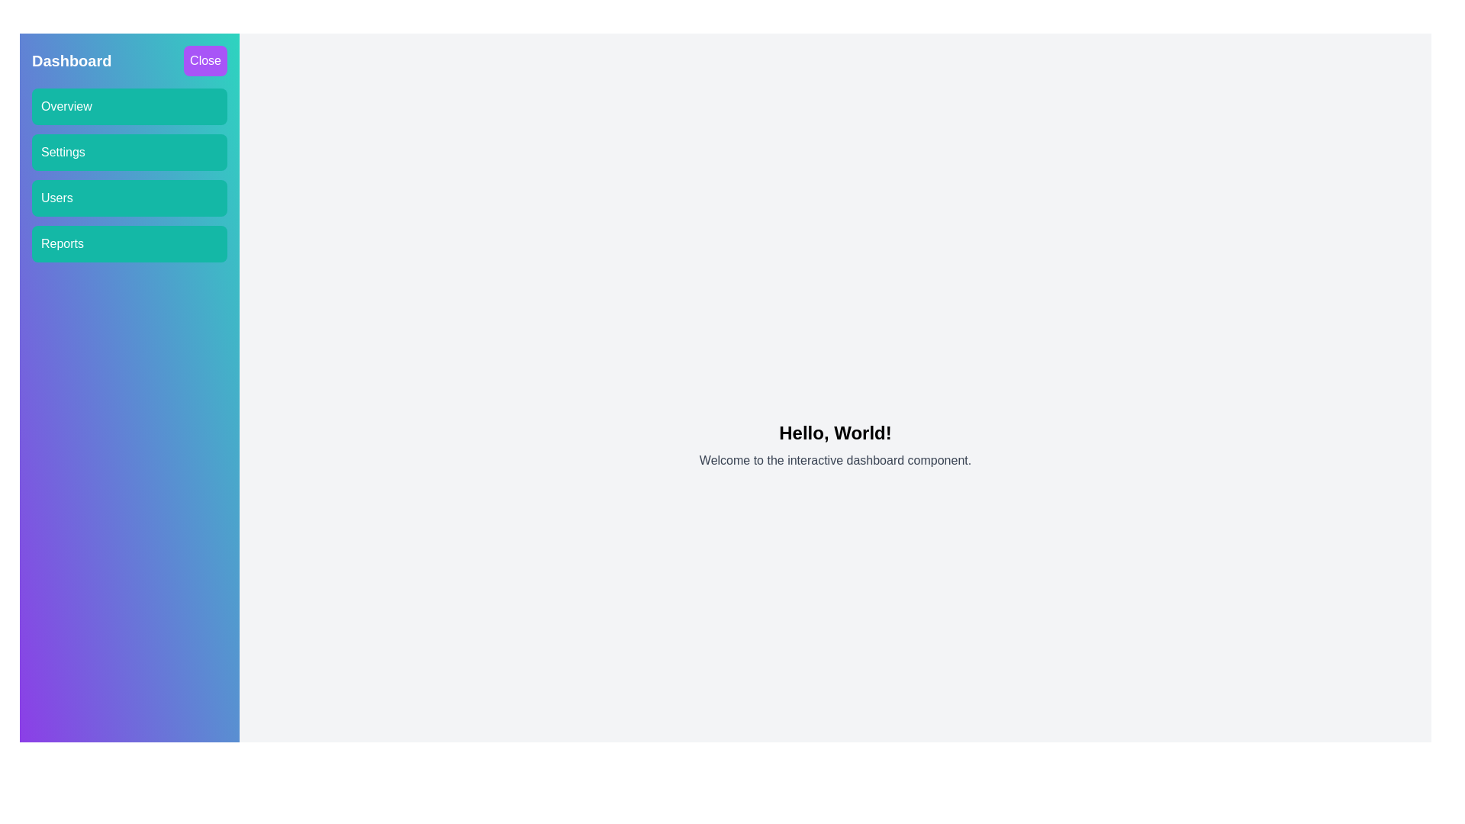  I want to click on the text 'Hello, World!' displayed in the main content area, so click(834, 433).